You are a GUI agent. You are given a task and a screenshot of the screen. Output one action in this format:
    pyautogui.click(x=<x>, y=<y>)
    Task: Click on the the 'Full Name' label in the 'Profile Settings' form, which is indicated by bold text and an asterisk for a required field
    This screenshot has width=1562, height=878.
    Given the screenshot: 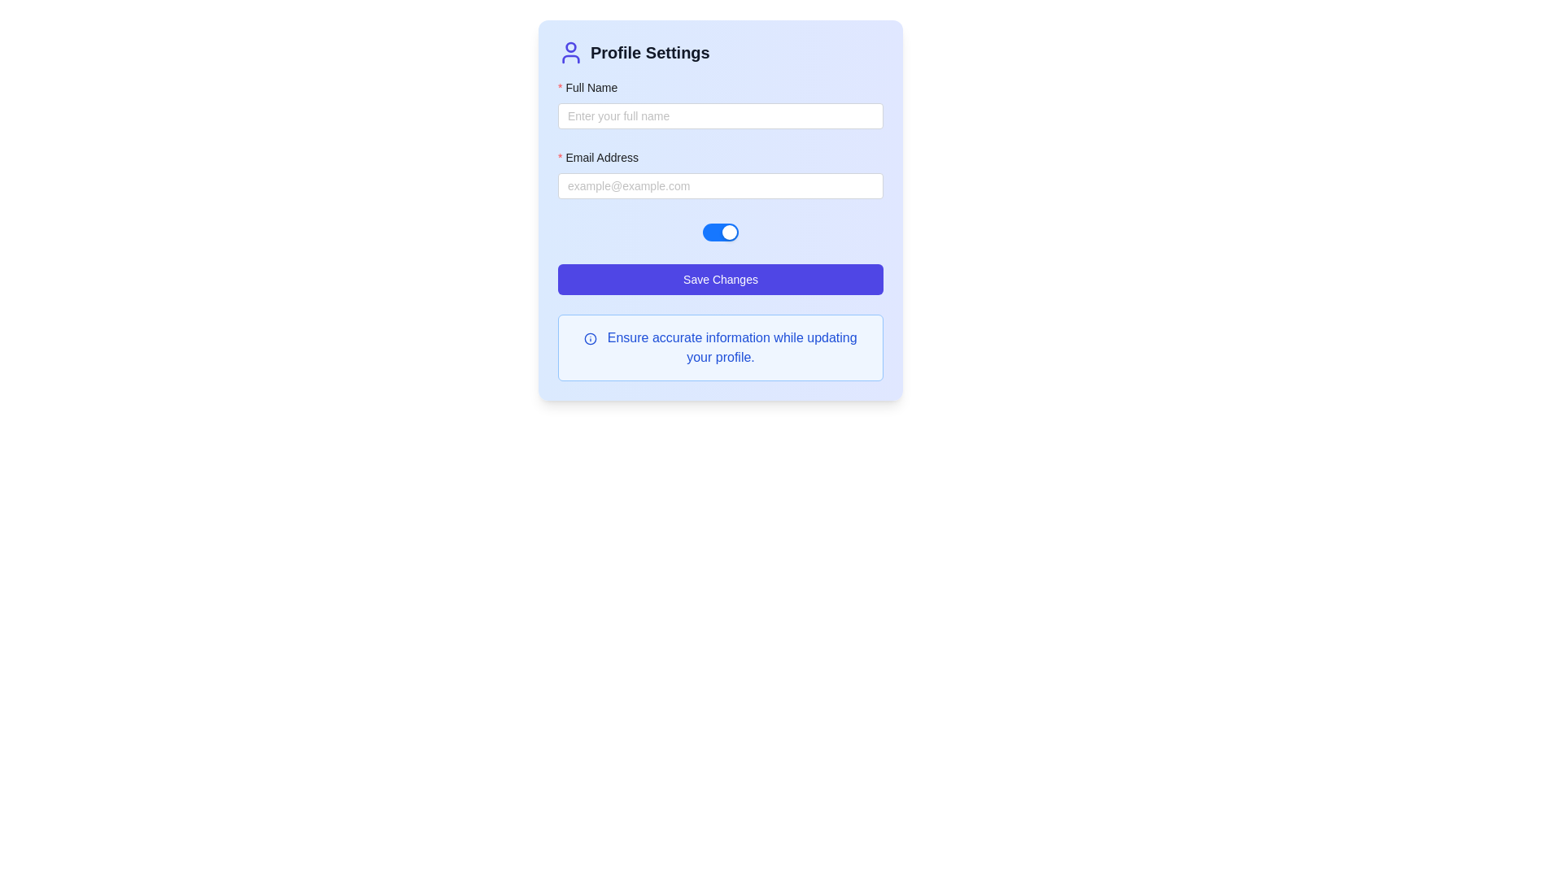 What is the action you would take?
    pyautogui.click(x=592, y=88)
    